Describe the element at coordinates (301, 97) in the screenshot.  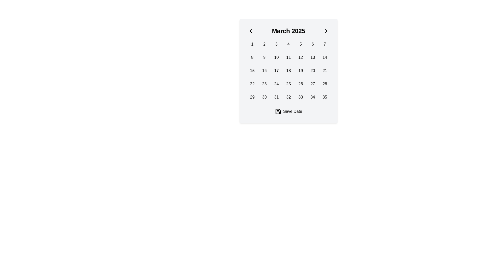
I see `the rectangular button with rounded borders that contains the text '33'` at that location.